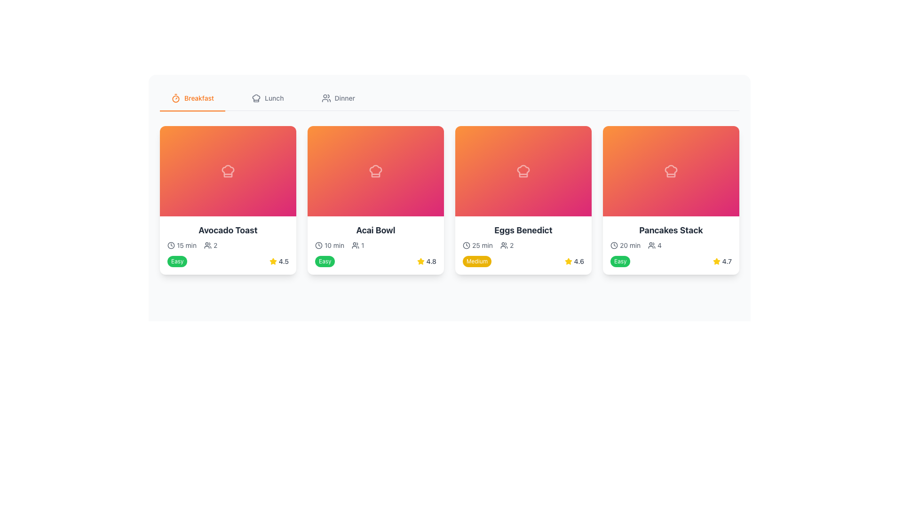 The height and width of the screenshot is (508, 903). What do you see at coordinates (670, 261) in the screenshot?
I see `the difficulty level and rating indicator for the 'Pancakes Stack' recipe, located at the bottom-right of the card` at bounding box center [670, 261].